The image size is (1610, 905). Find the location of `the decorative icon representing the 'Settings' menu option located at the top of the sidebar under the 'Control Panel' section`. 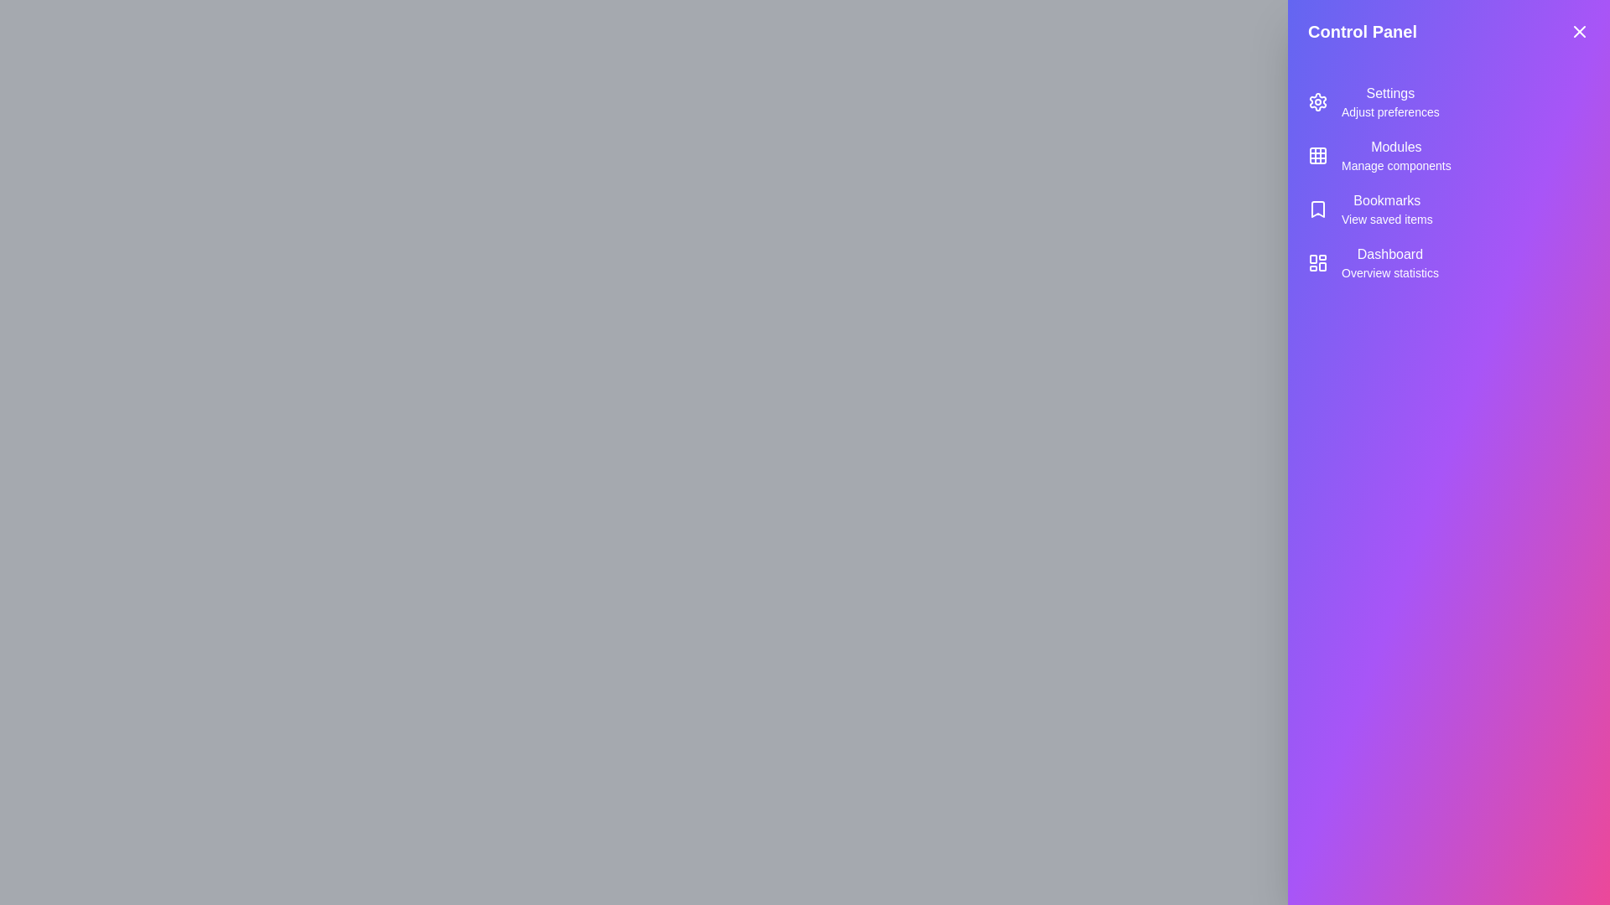

the decorative icon representing the 'Settings' menu option located at the top of the sidebar under the 'Control Panel' section is located at coordinates (1317, 102).